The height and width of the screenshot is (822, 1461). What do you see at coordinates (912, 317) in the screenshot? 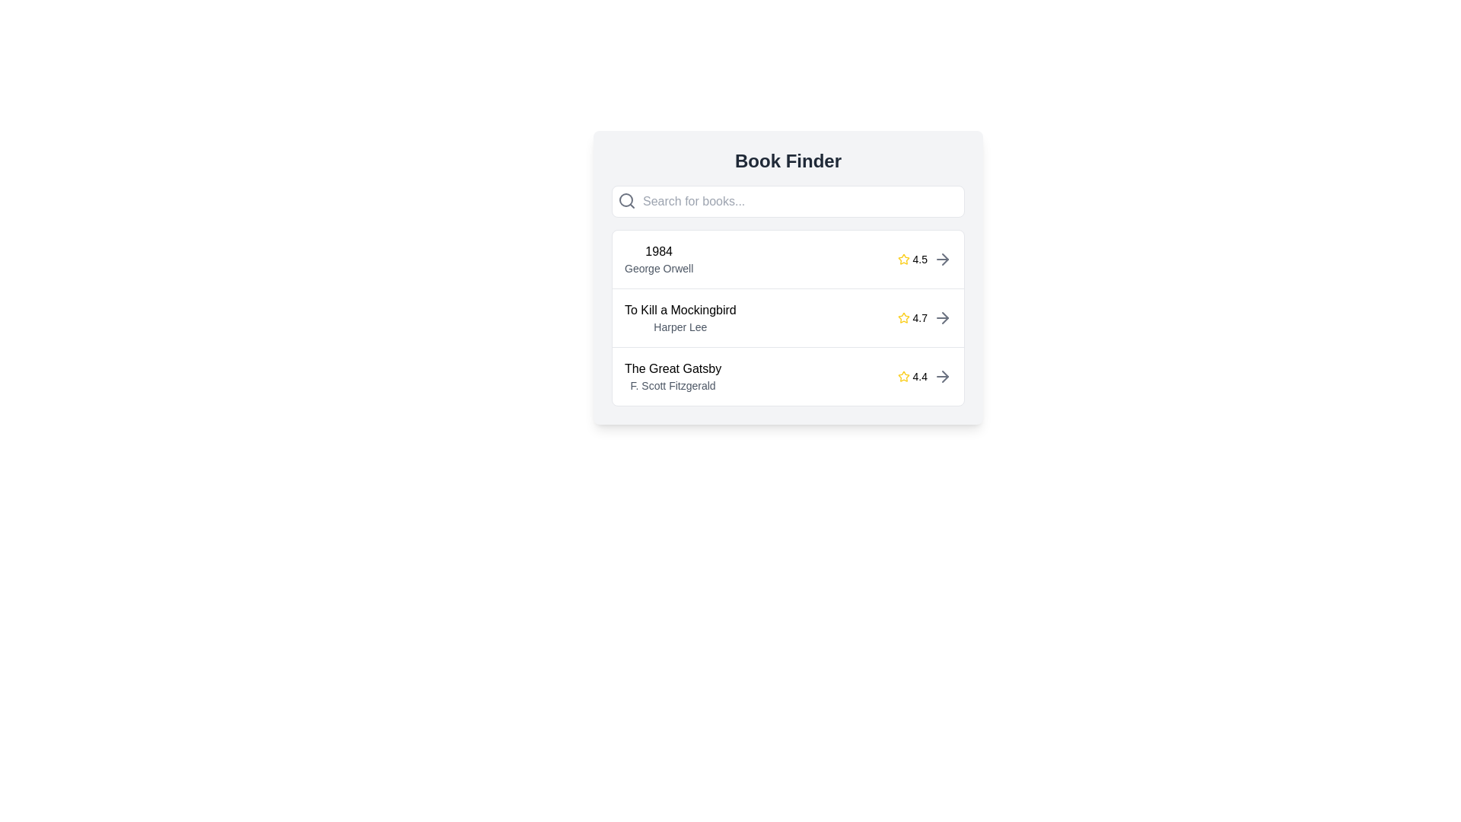
I see `the star icon located to the right of the book title 'To Kill a Mockingbird' by 'Harper Lee', which displays the average rating value` at bounding box center [912, 317].